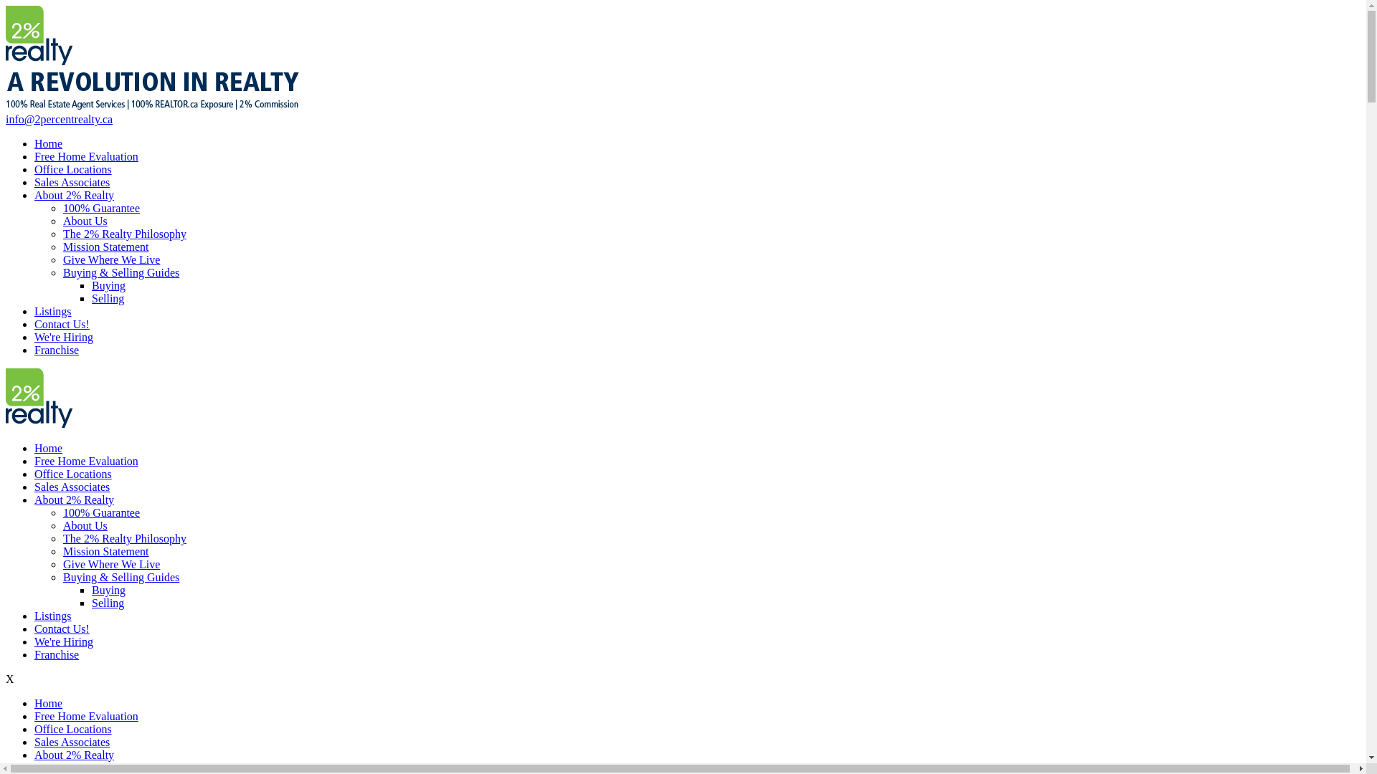  Describe the element at coordinates (58, 118) in the screenshot. I see `'info@2percentrealty.ca'` at that location.